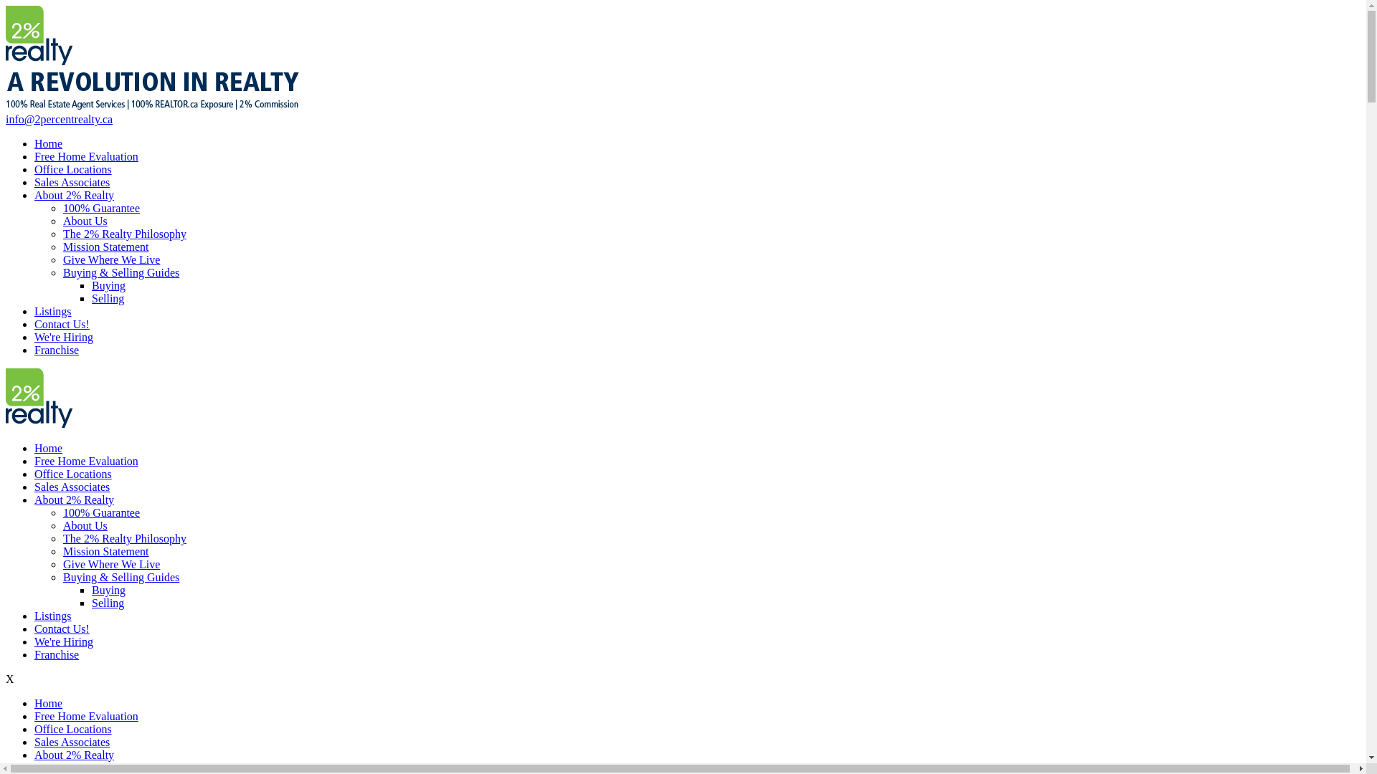  Describe the element at coordinates (58, 118) in the screenshot. I see `'info@2percentrealty.ca'` at that location.